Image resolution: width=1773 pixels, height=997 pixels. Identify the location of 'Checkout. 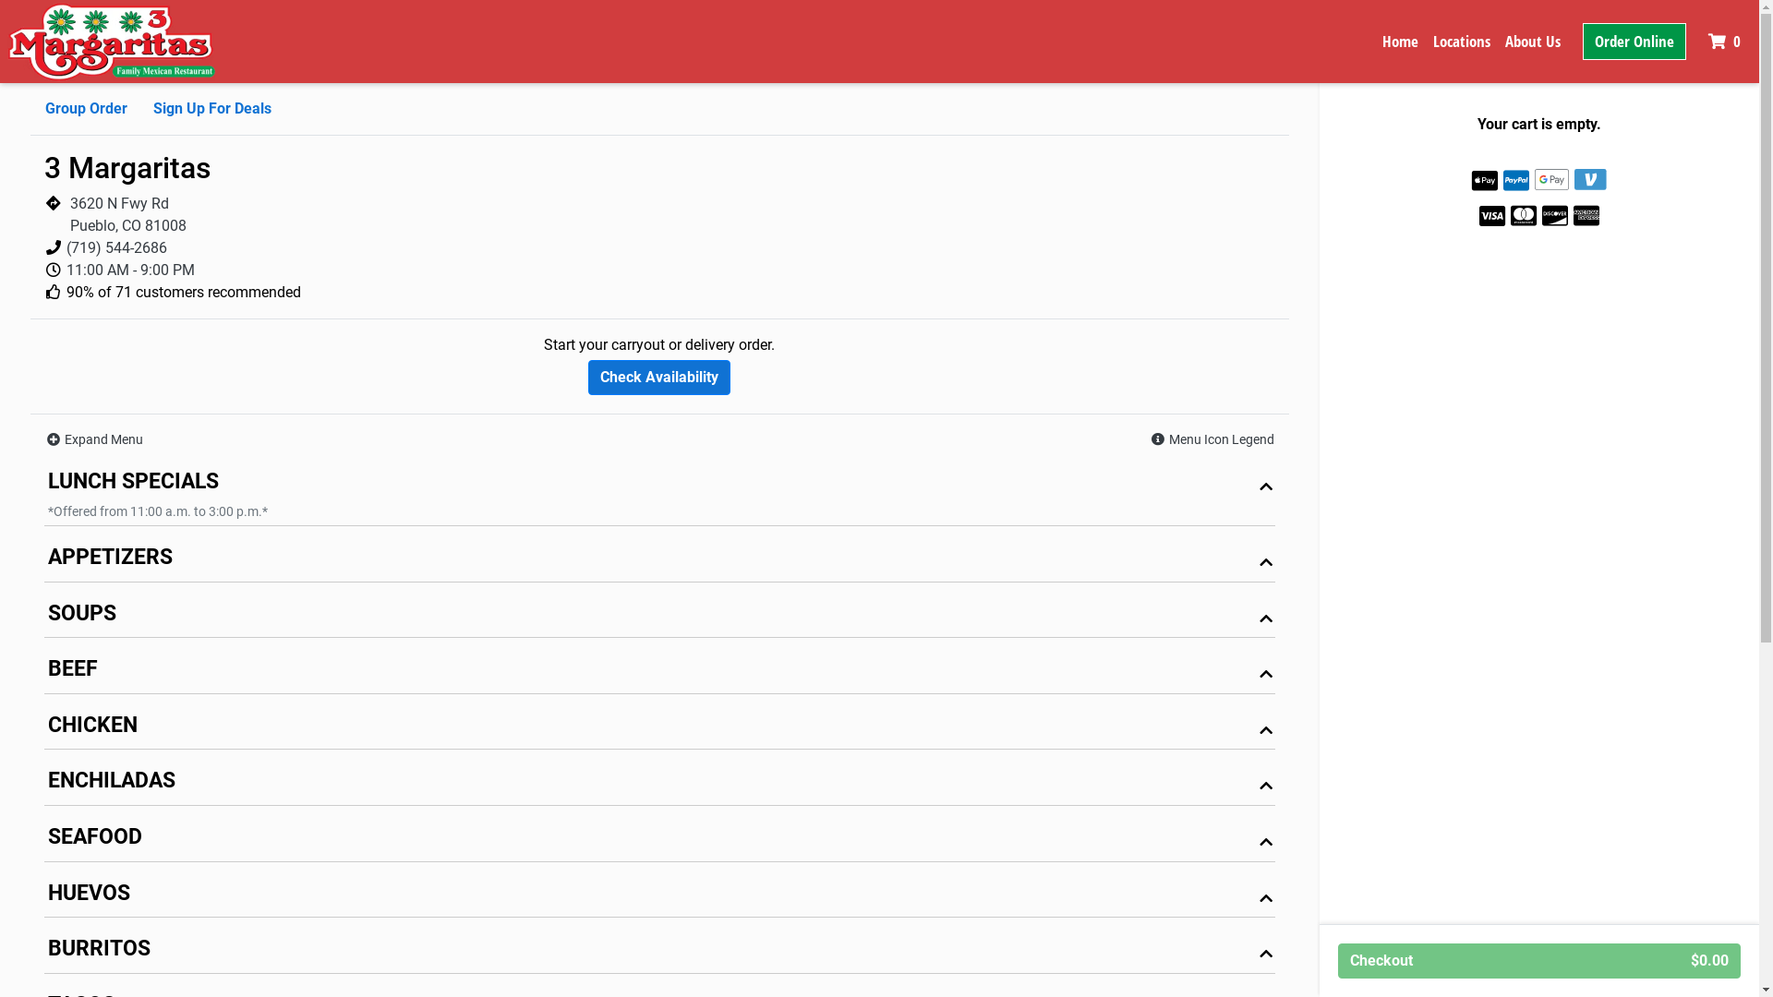
(1538, 960).